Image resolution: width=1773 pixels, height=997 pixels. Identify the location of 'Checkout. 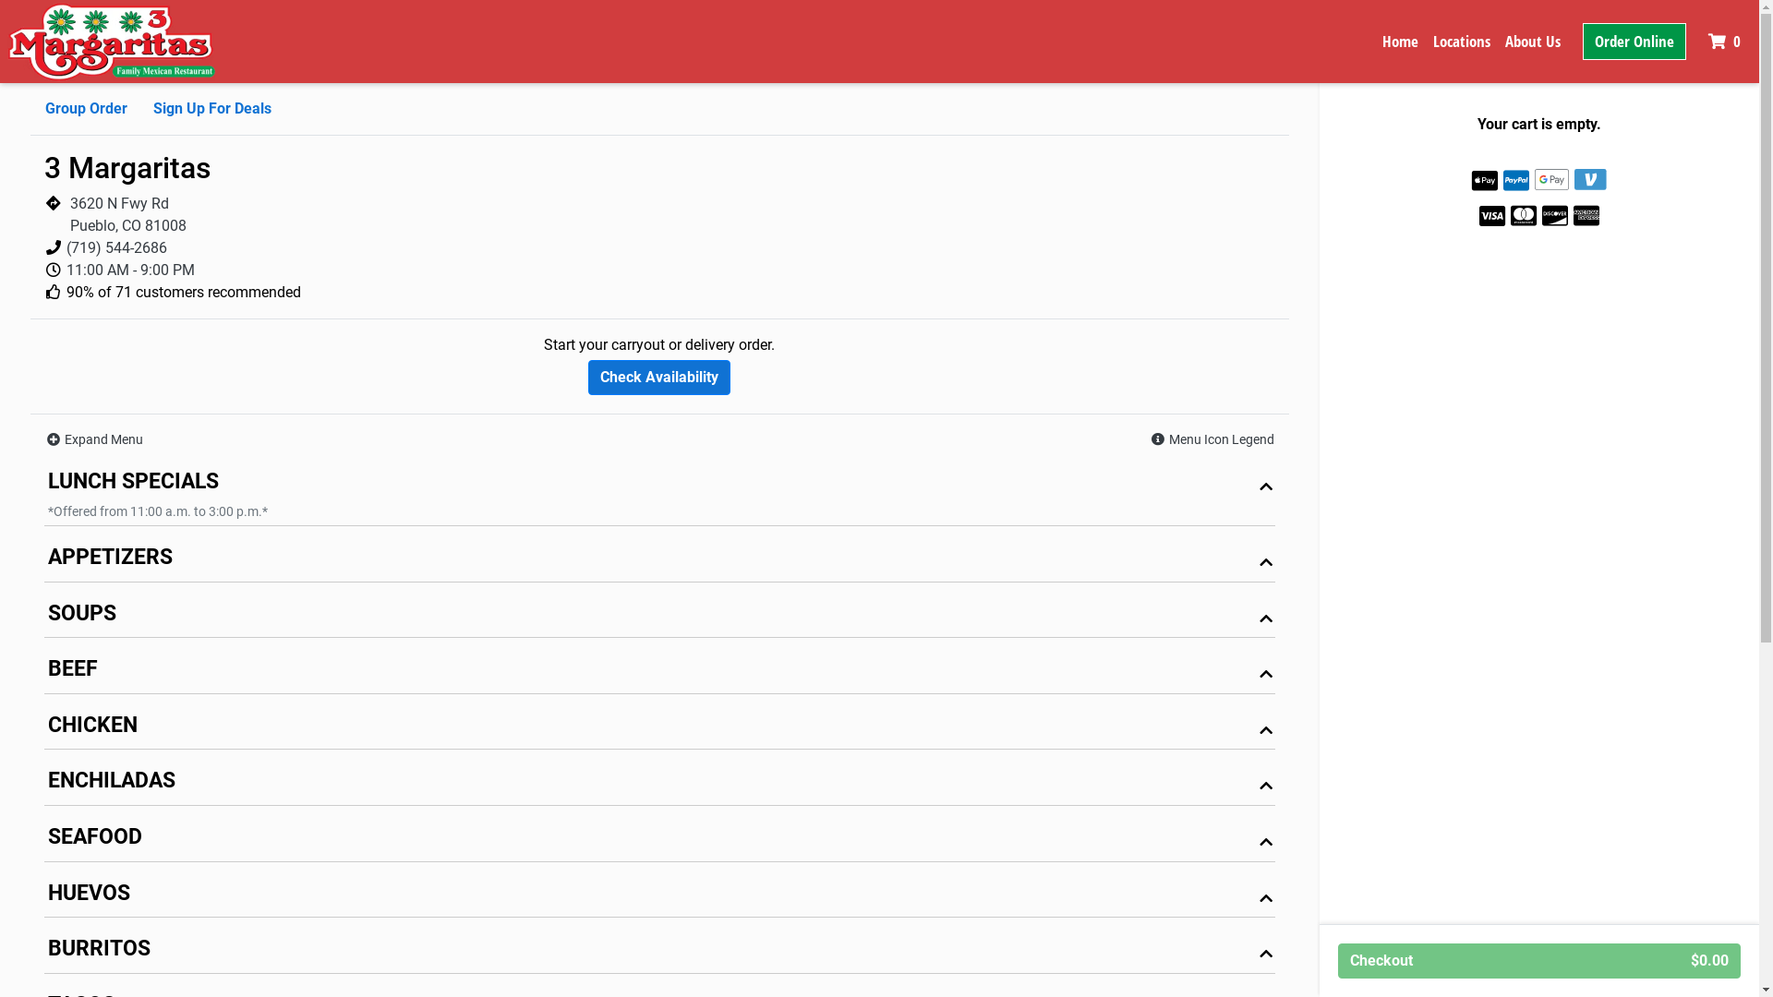
(1538, 960).